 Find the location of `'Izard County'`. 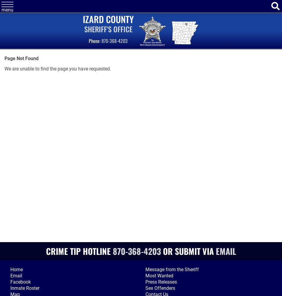

'Izard County' is located at coordinates (108, 19).